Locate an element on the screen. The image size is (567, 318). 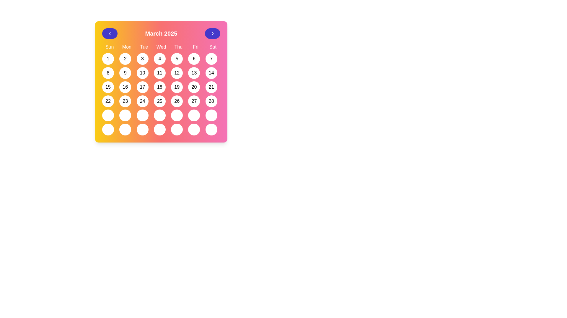
the selectable day slot button in the calendar interface located in the seventh column and sixth row of the grid is located at coordinates (194, 129).